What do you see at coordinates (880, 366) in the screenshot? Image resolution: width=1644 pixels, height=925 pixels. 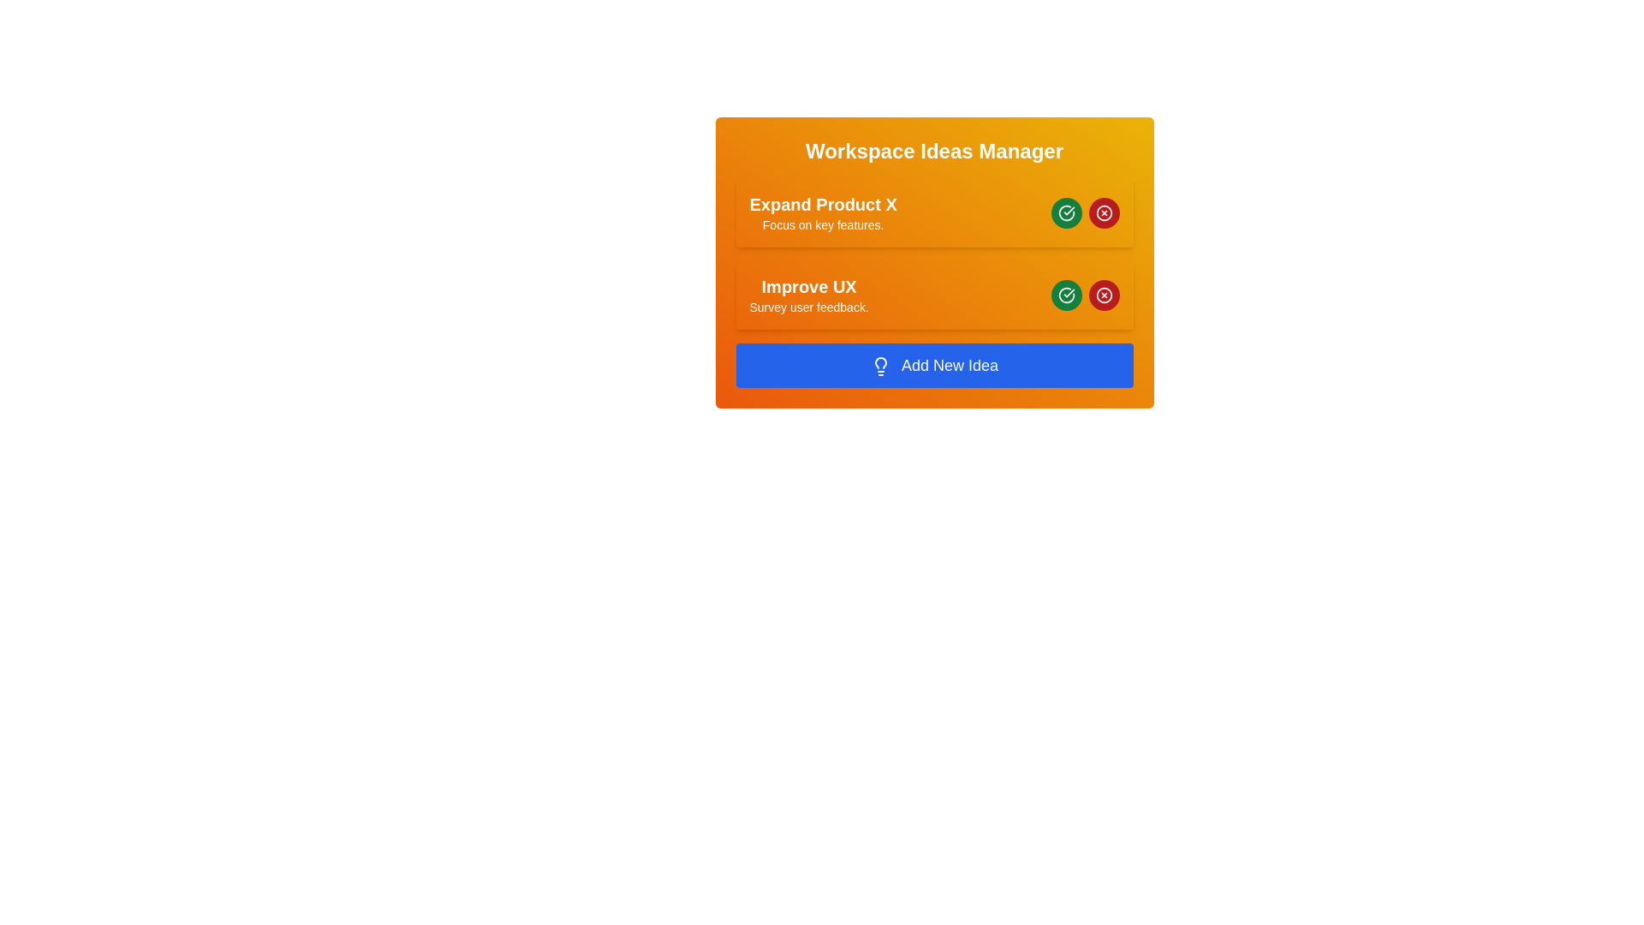 I see `the icon that represents 'Add New Idea' located within the button at the bottom part of a card-like component, which is left-aligned and slightly offset from the left edge` at bounding box center [880, 366].